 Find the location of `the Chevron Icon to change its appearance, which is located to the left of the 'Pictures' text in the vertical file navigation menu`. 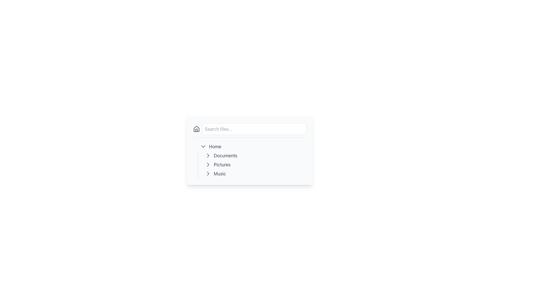

the Chevron Icon to change its appearance, which is located to the left of the 'Pictures' text in the vertical file navigation menu is located at coordinates (208, 164).